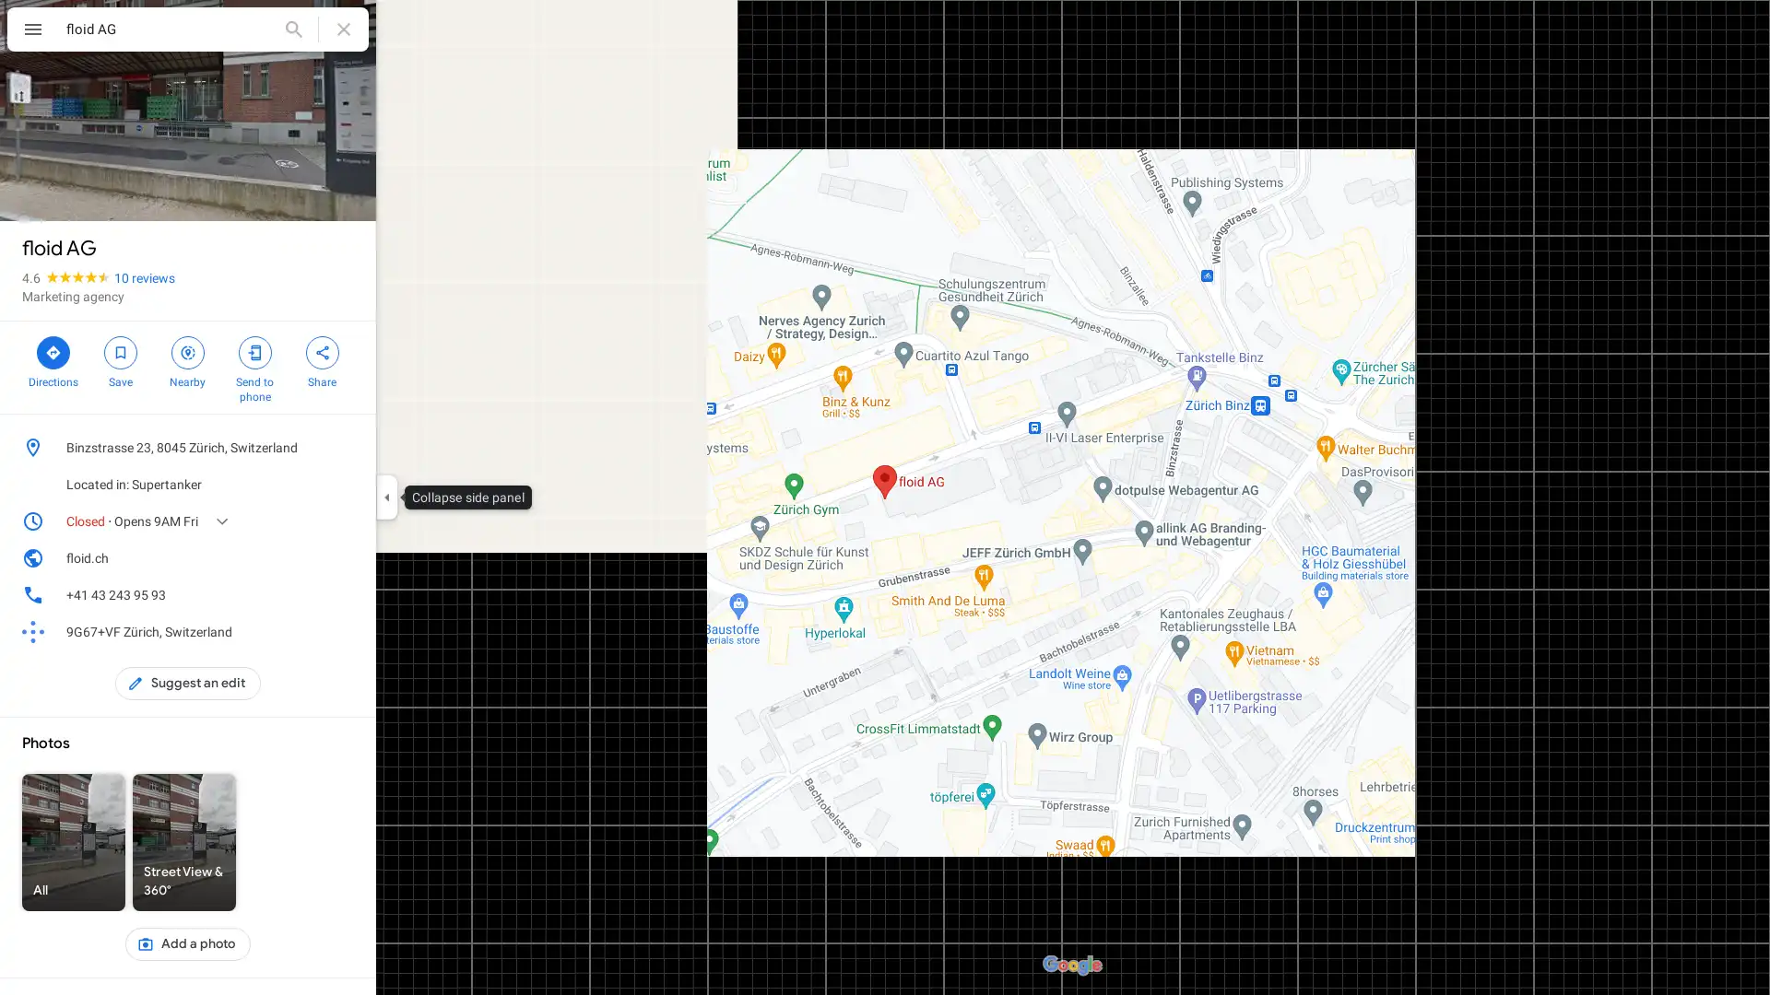 The image size is (1770, 995). I want to click on Street View & 360, so click(184, 842).